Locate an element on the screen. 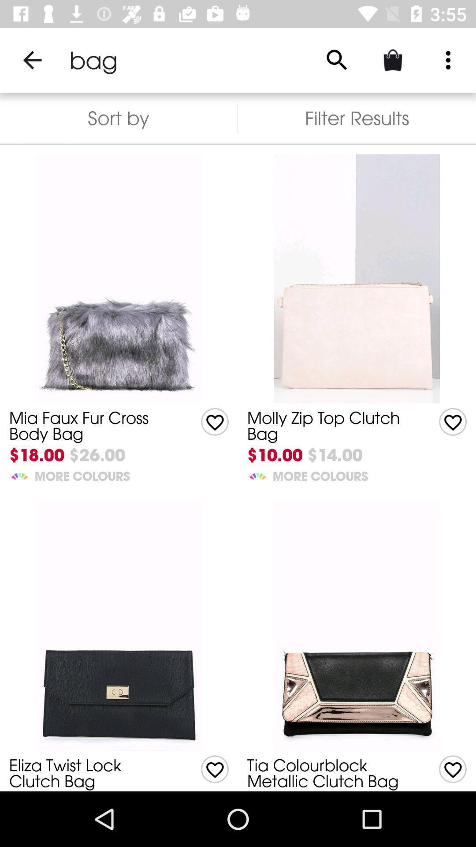 The image size is (476, 847). mark as favorite is located at coordinates (215, 421).